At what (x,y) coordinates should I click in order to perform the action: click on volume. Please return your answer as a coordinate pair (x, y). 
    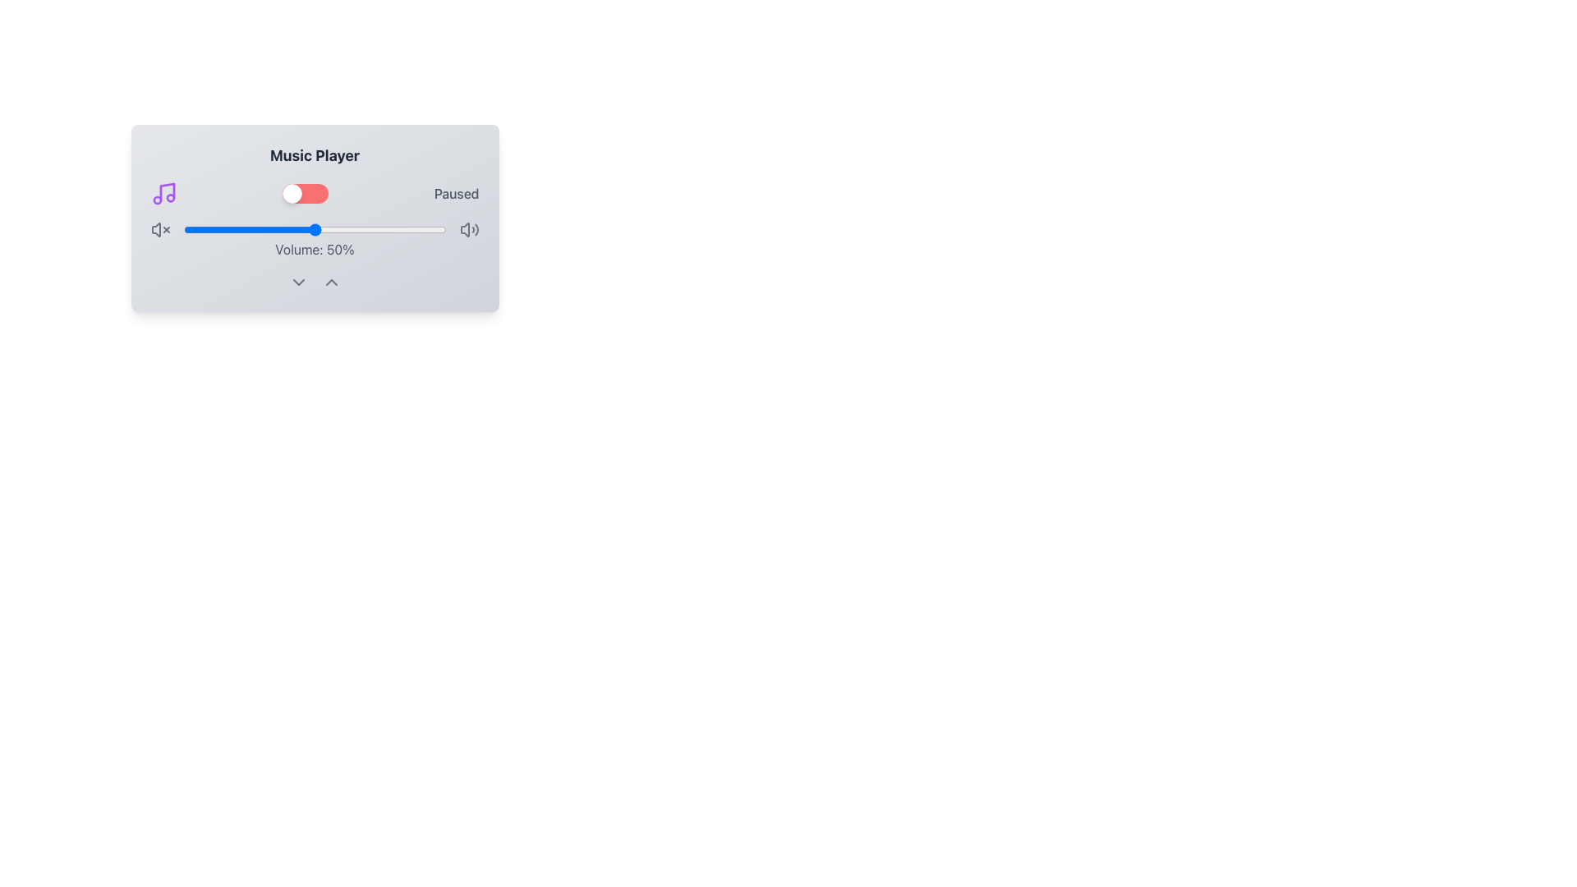
    Looking at the image, I should click on (366, 230).